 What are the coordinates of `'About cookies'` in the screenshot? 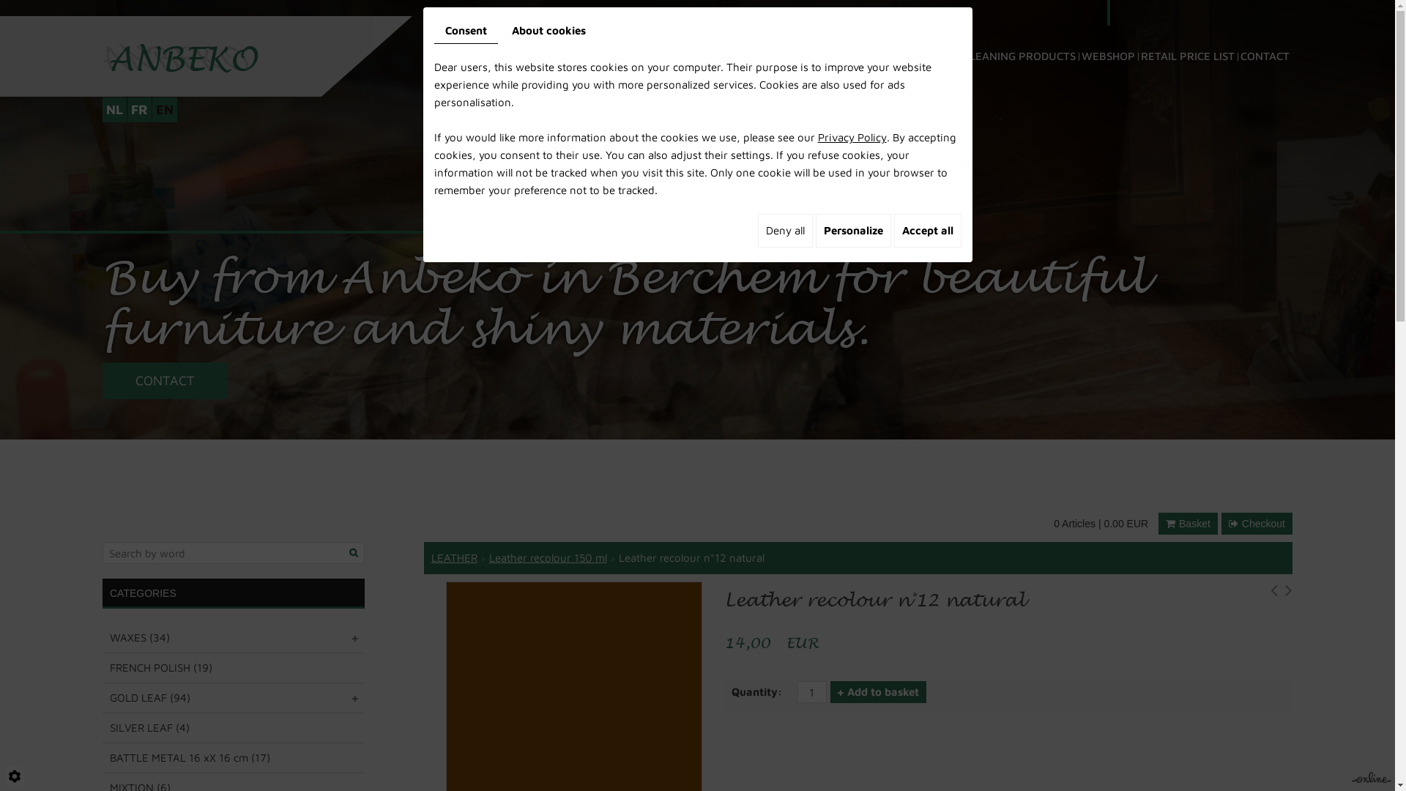 It's located at (548, 31).